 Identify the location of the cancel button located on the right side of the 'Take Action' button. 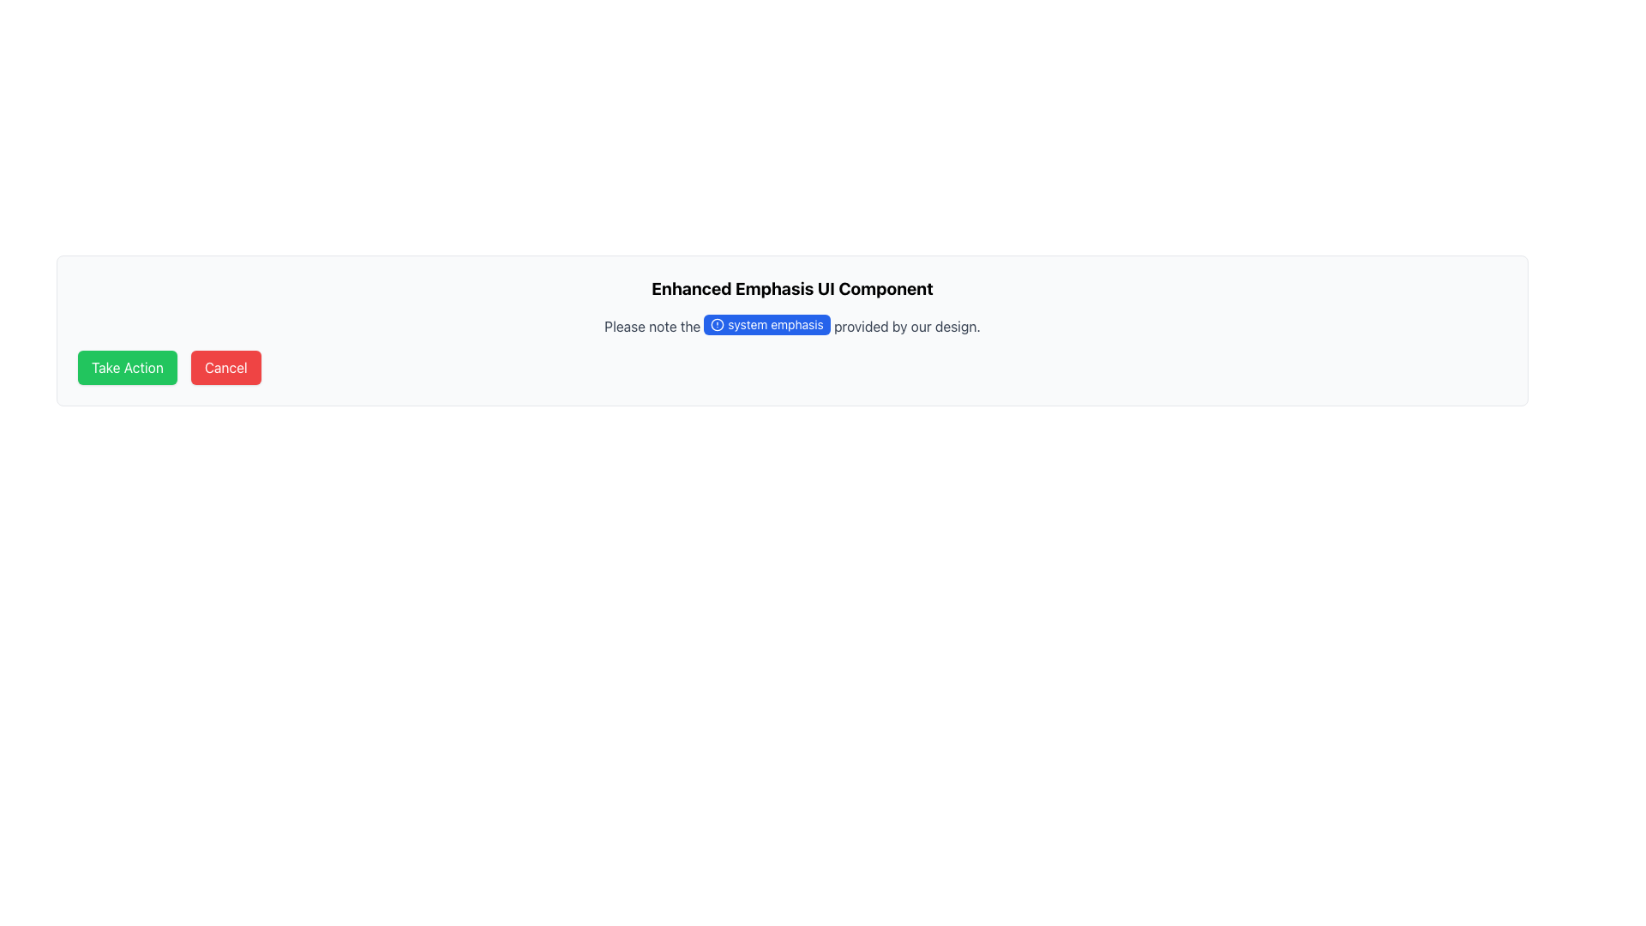
(225, 366).